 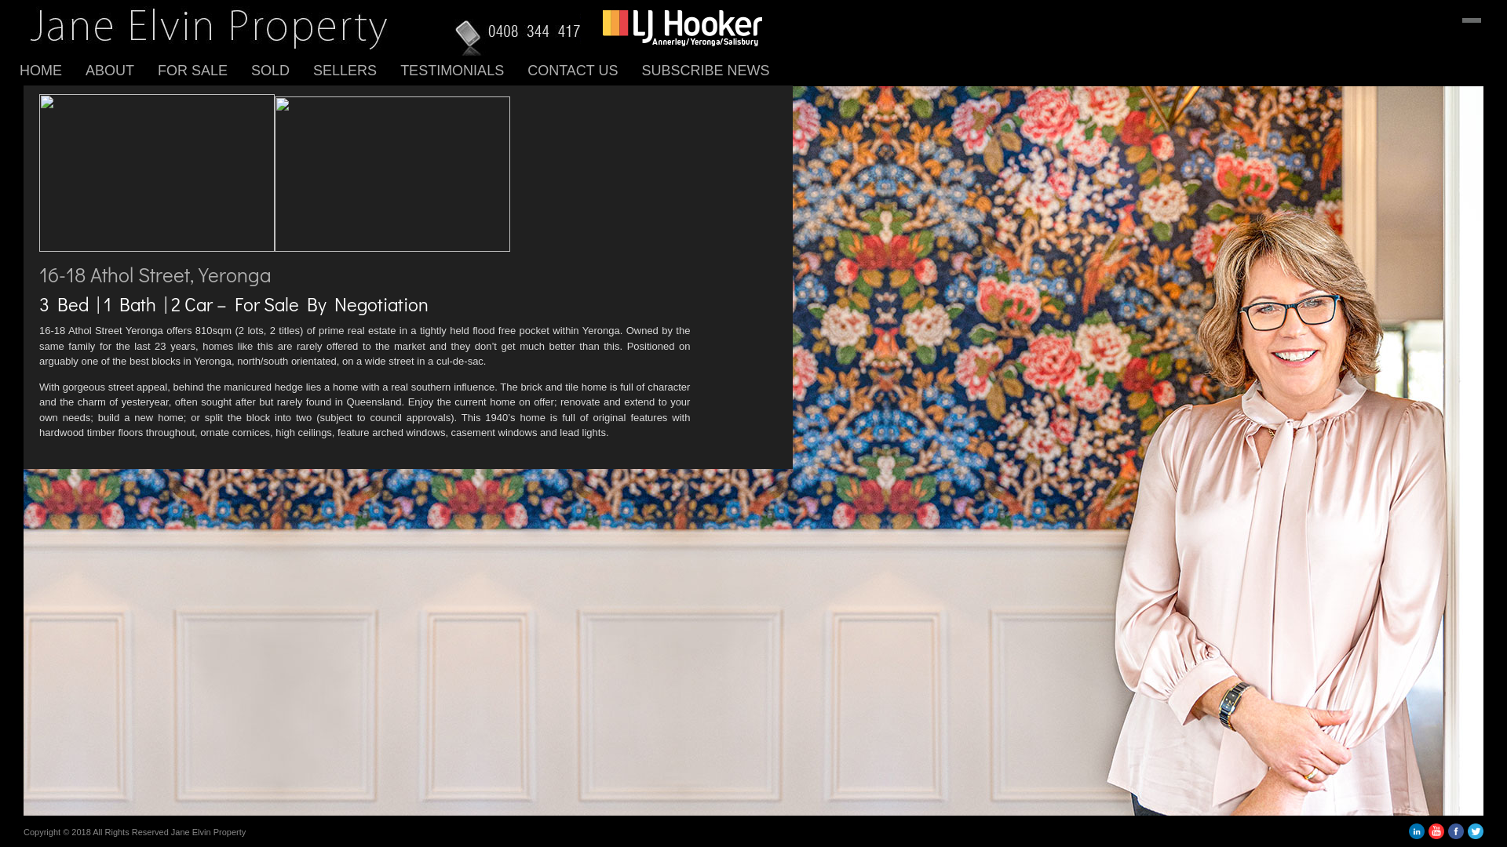 What do you see at coordinates (120, 69) in the screenshot?
I see `'ABOUT'` at bounding box center [120, 69].